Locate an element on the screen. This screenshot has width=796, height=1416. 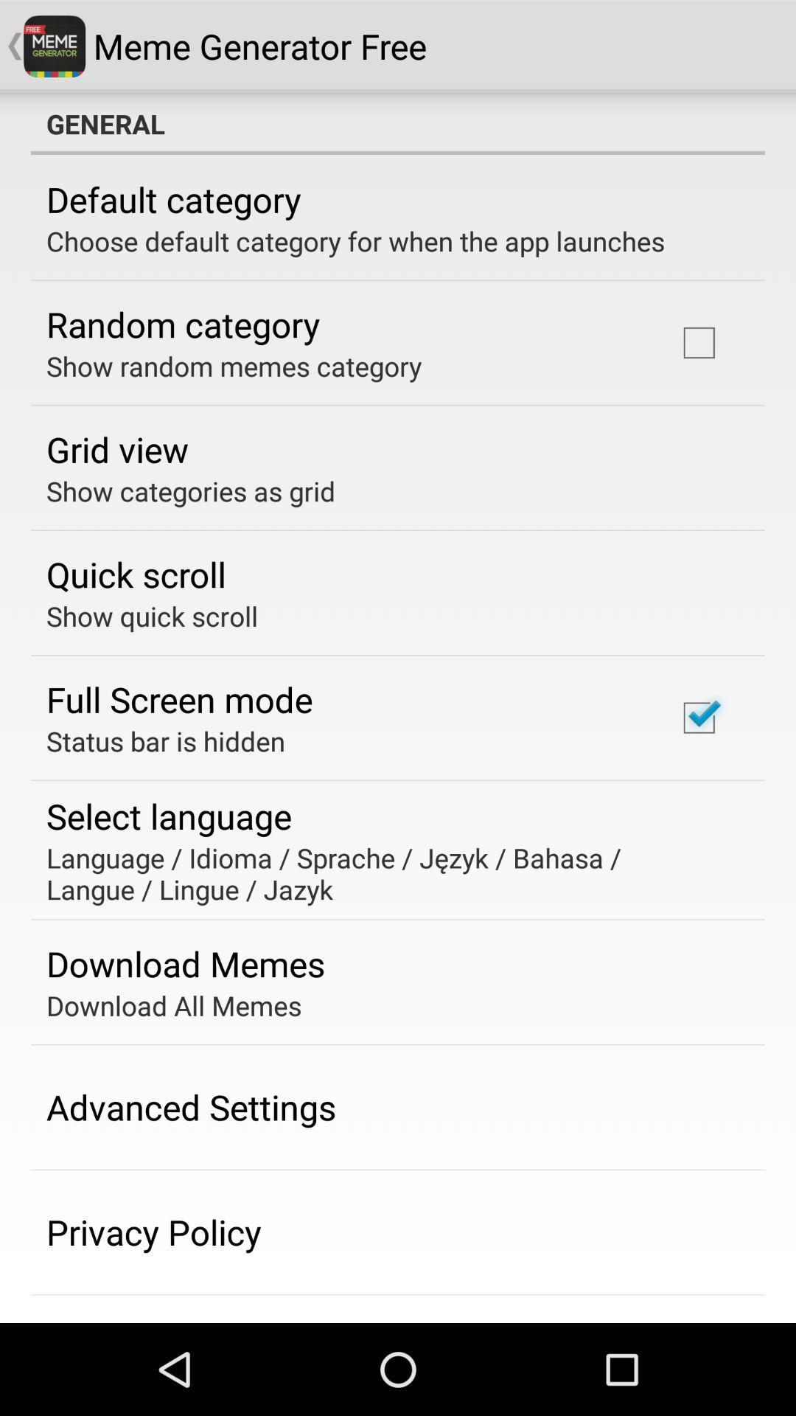
status bar is app is located at coordinates (165, 740).